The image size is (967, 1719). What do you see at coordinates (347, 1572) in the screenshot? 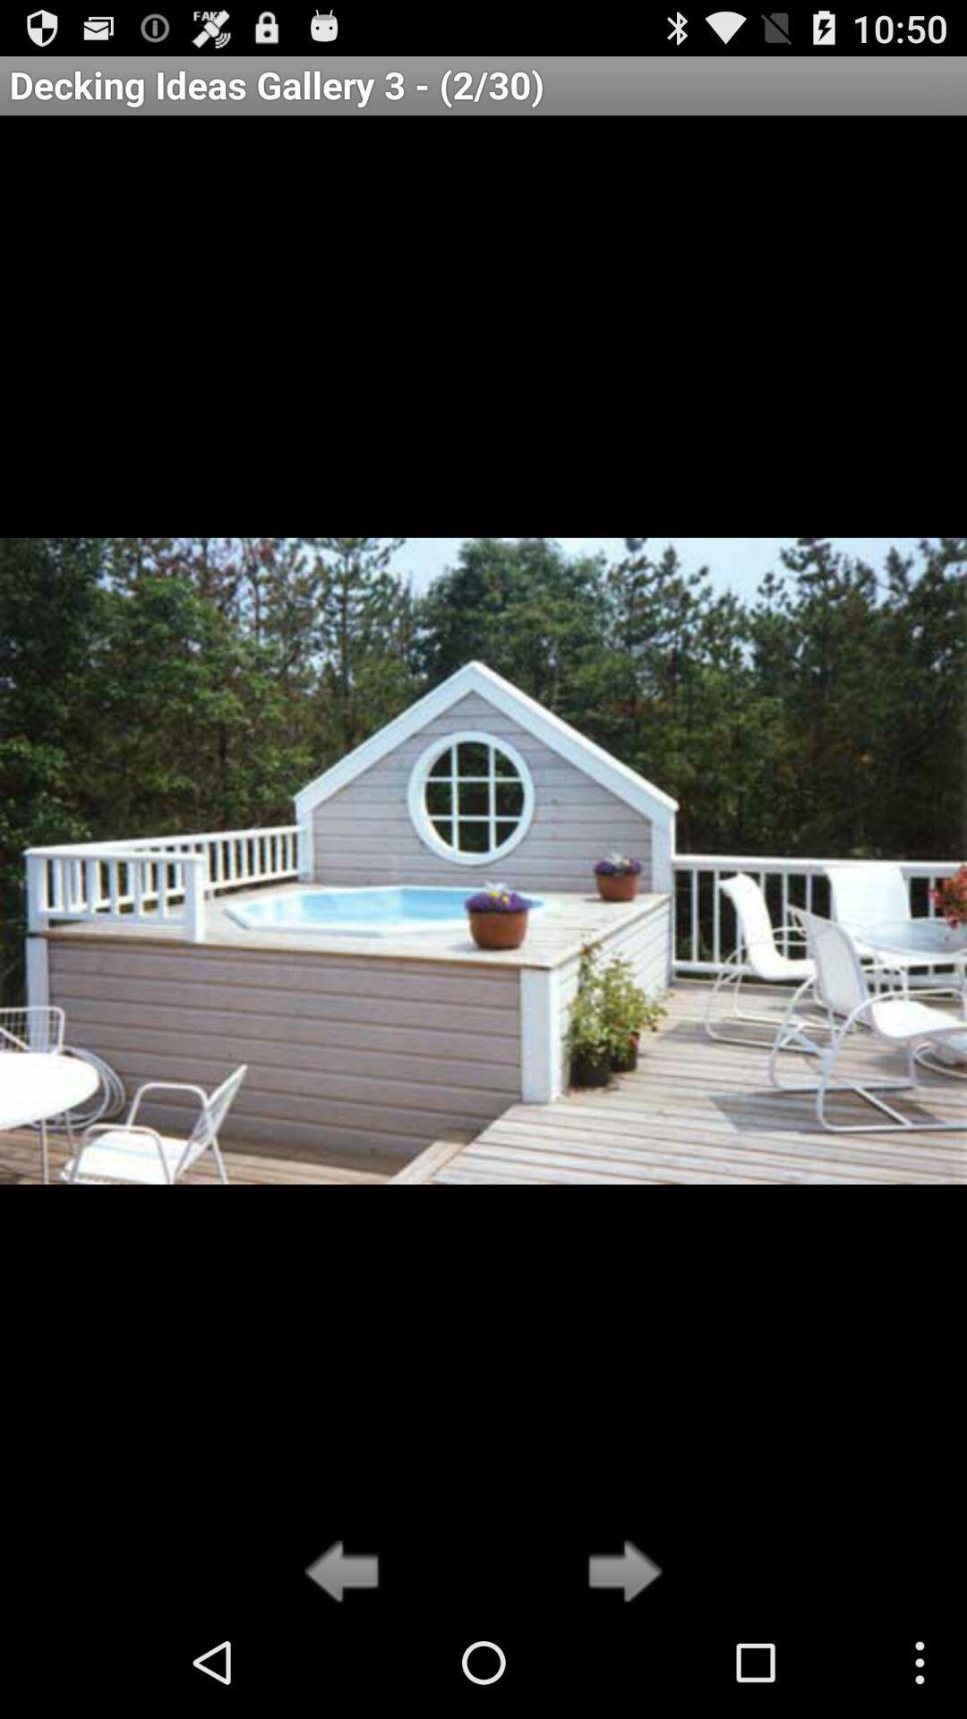
I see `go back` at bounding box center [347, 1572].